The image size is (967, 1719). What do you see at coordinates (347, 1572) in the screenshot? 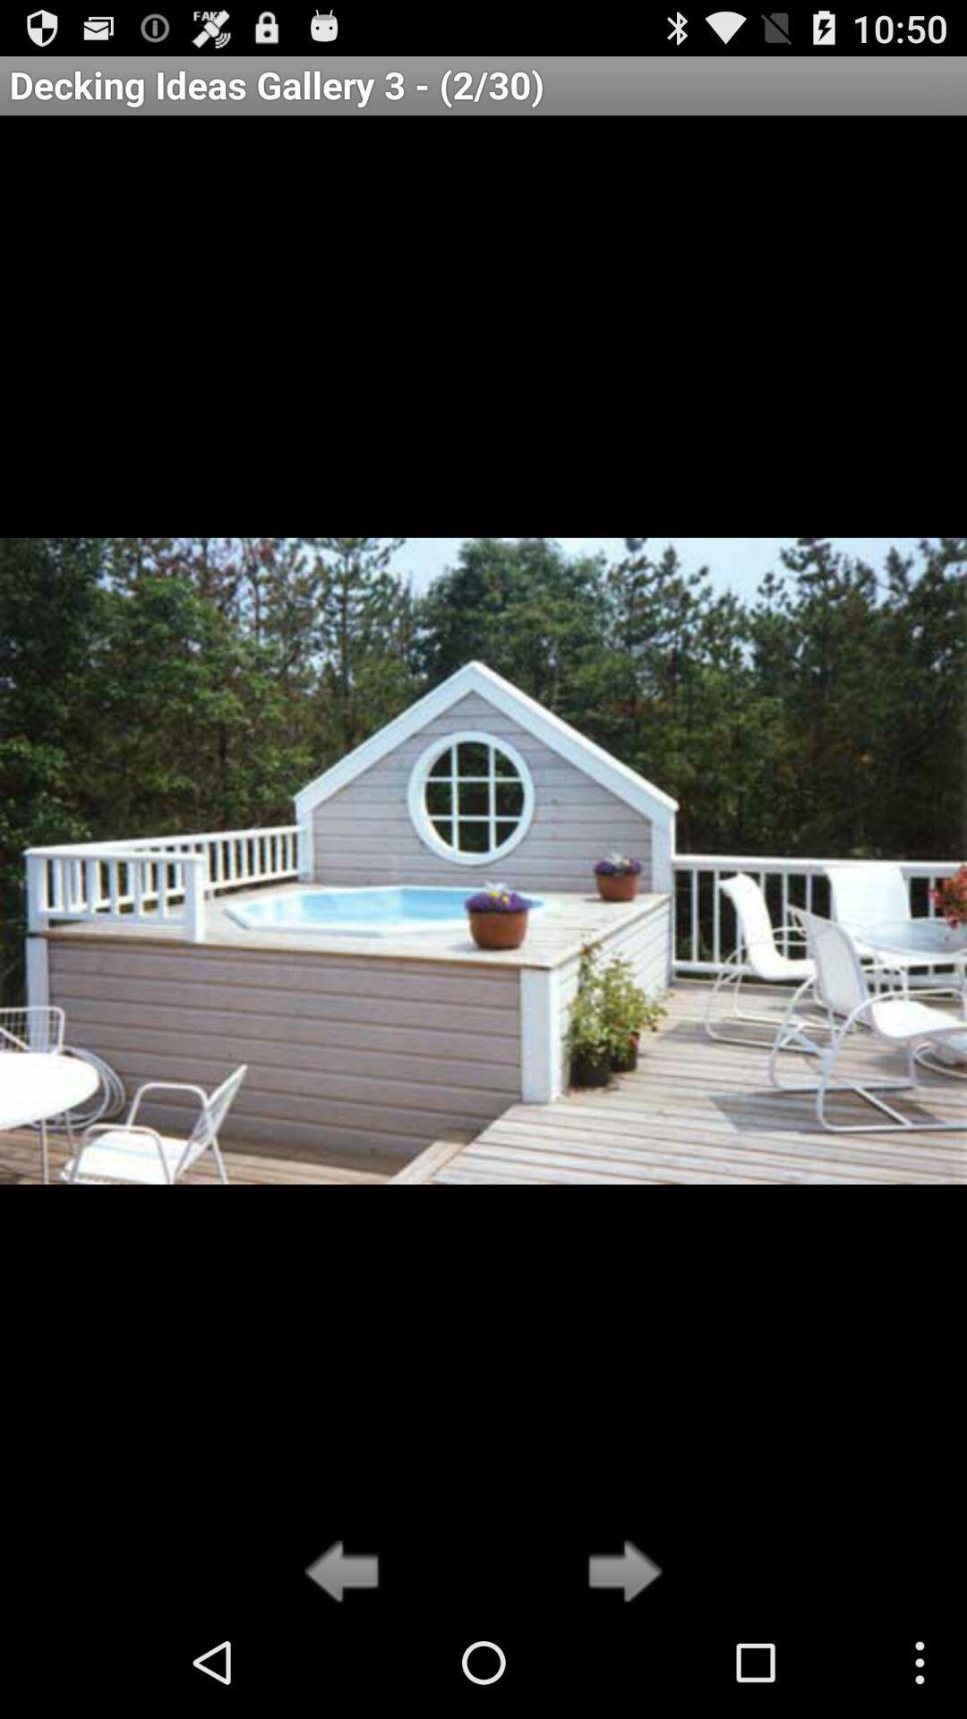
I see `go back` at bounding box center [347, 1572].